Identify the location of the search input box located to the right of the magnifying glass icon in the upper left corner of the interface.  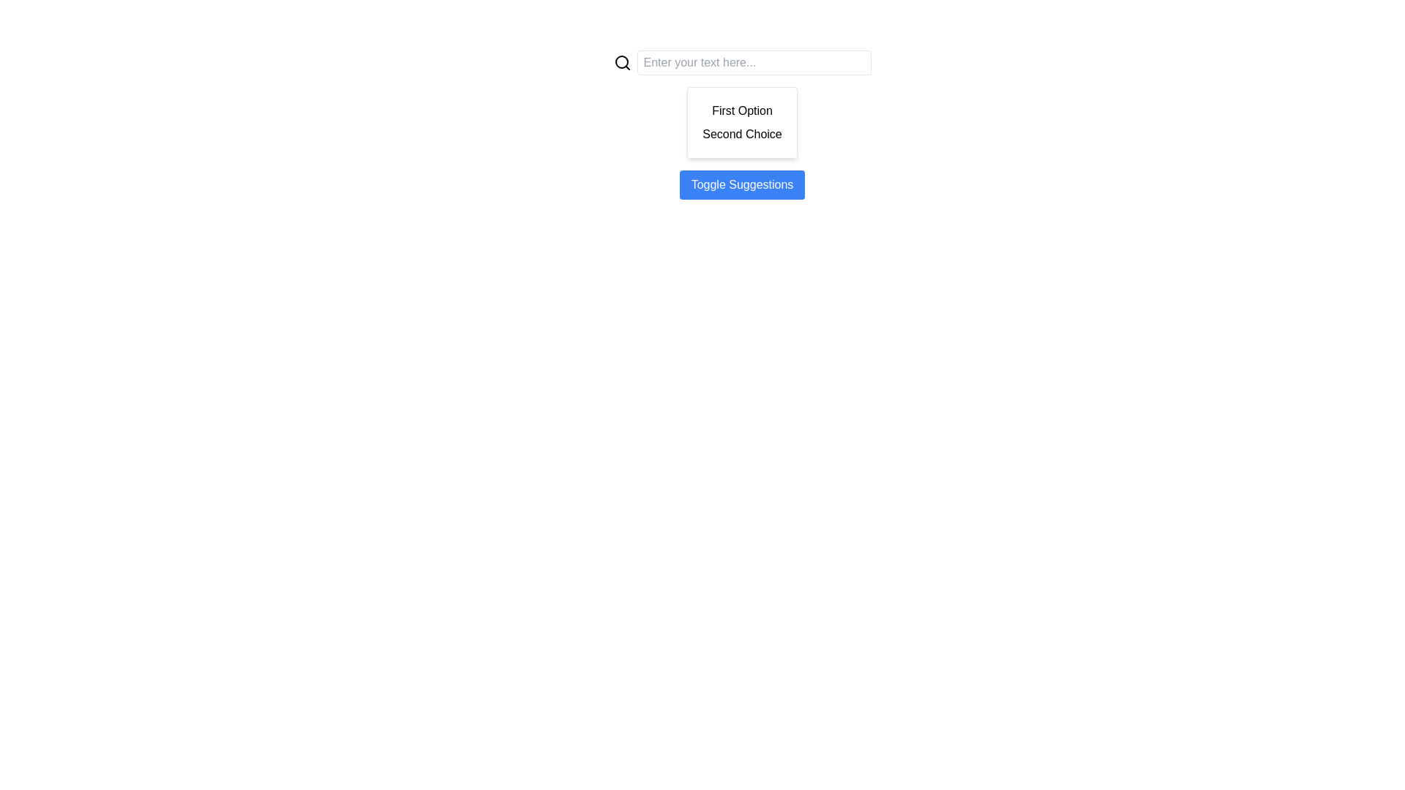
(621, 61).